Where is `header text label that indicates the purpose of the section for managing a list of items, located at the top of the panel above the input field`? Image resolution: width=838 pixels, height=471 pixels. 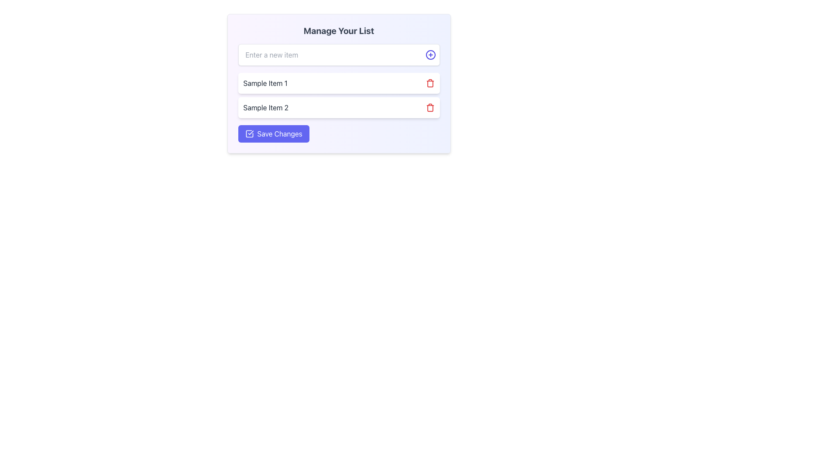
header text label that indicates the purpose of the section for managing a list of items, located at the top of the panel above the input field is located at coordinates (338, 30).